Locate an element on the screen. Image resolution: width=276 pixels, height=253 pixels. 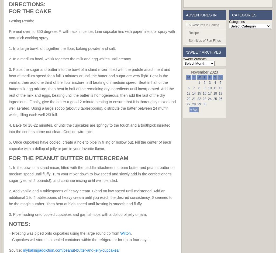
'– Frosting was piped onto cupcakes using the large round tip from' is located at coordinates (9, 233).